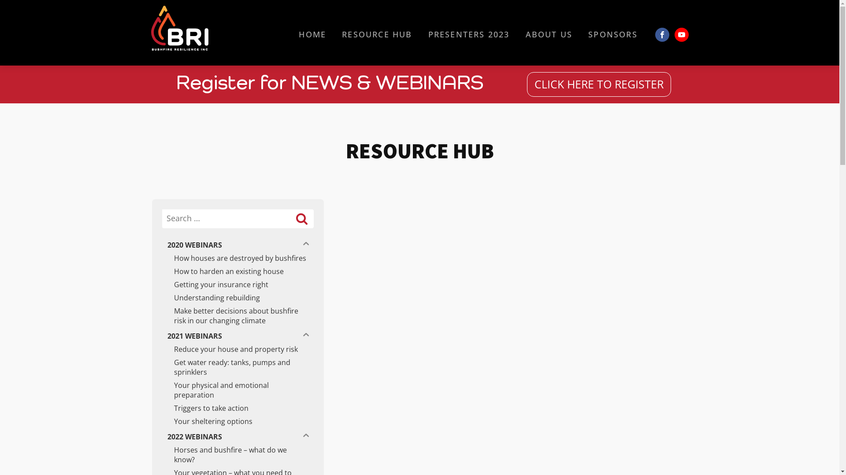 The image size is (846, 475). I want to click on 'How houses are destroyed by bushfires', so click(237, 257).